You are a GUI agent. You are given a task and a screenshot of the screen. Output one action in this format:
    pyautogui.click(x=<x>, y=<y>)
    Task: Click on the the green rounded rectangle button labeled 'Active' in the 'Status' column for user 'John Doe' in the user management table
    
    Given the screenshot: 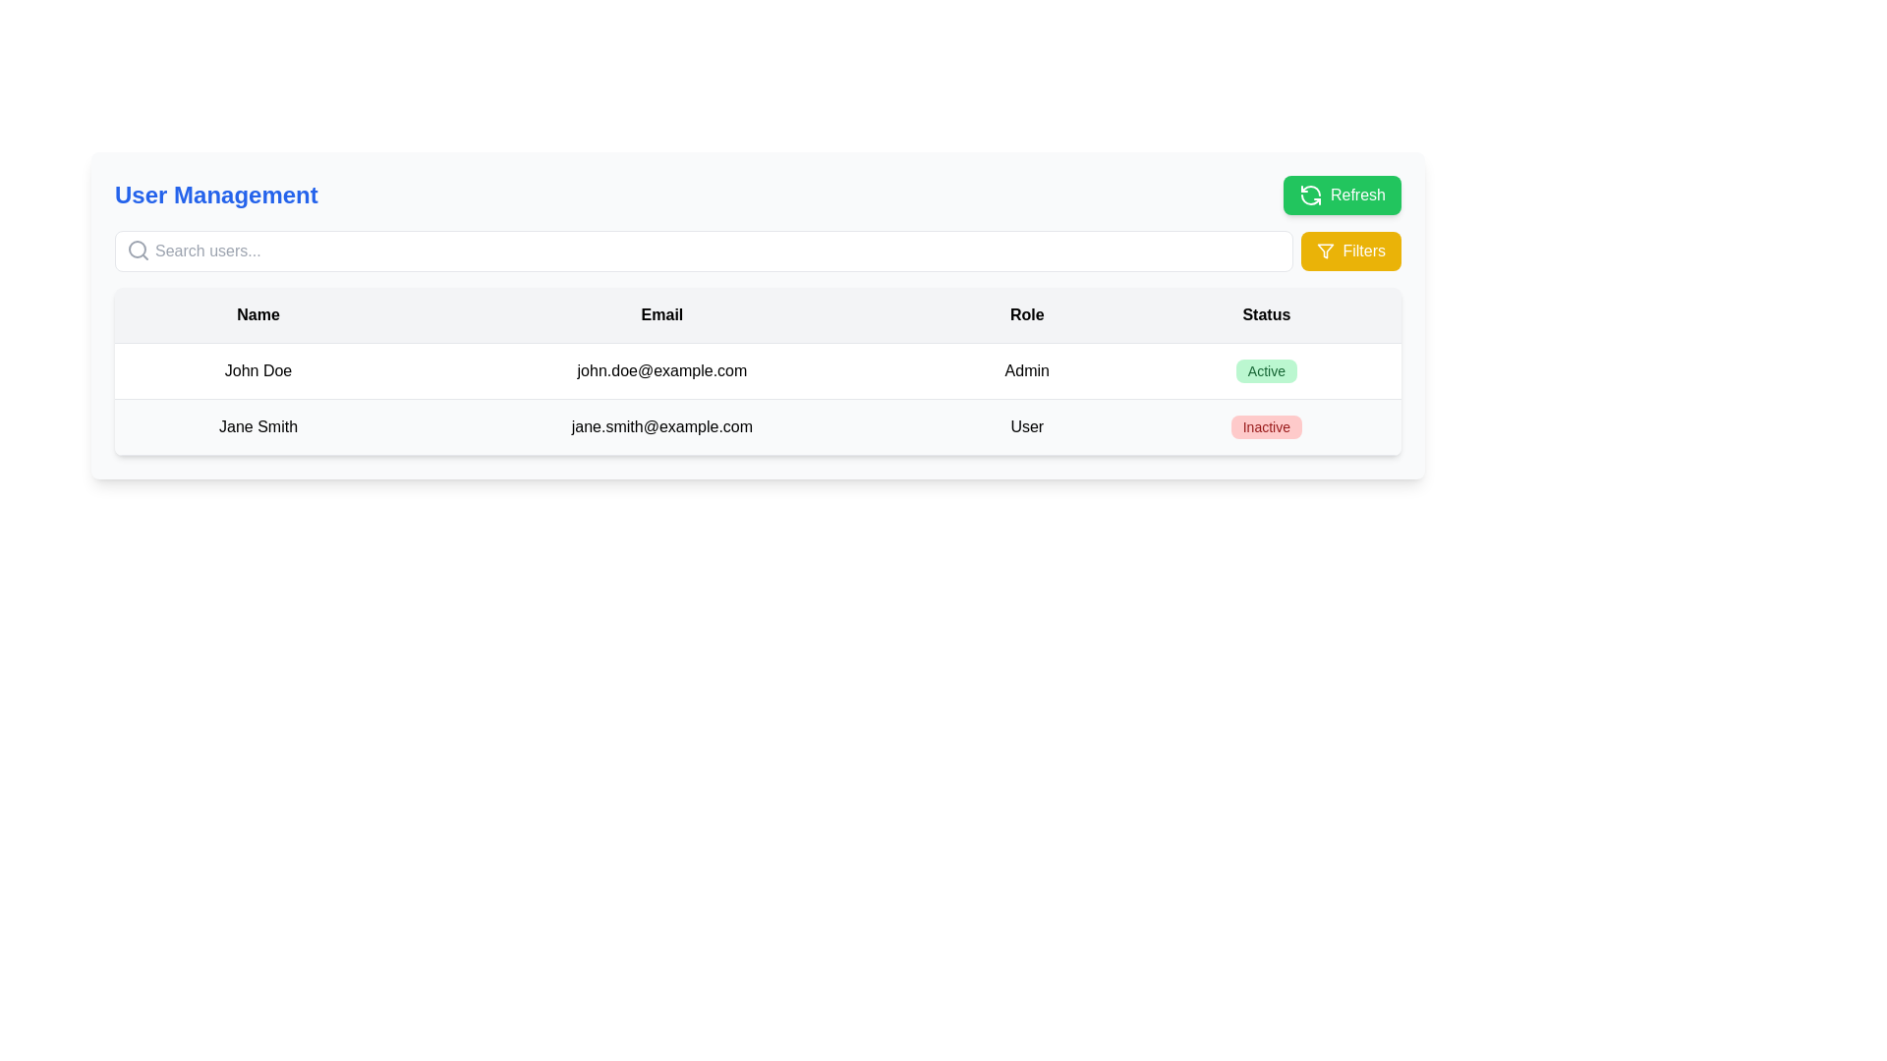 What is the action you would take?
    pyautogui.click(x=1266, y=371)
    